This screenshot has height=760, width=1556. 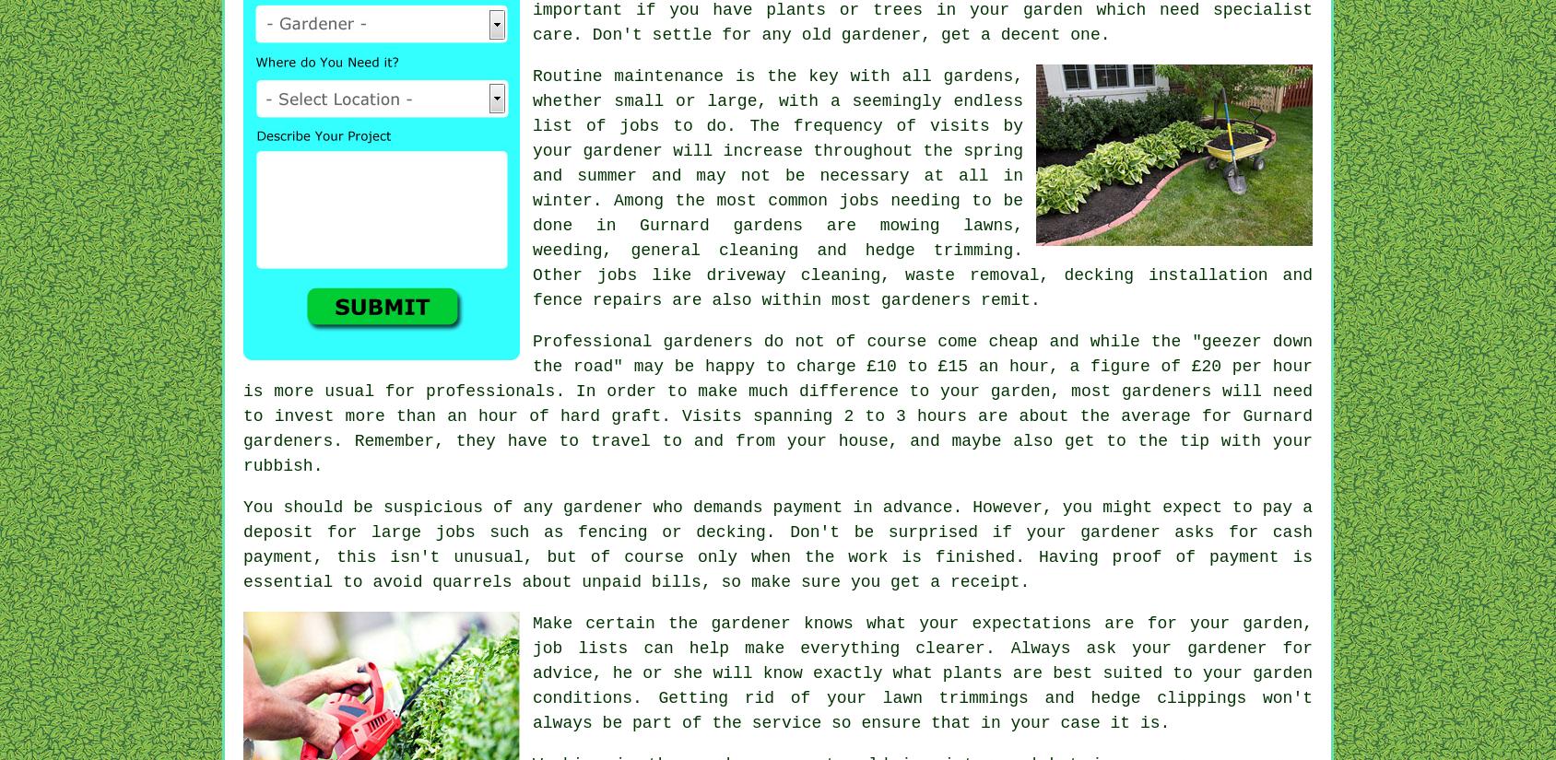 I want to click on '. However, you might expect to pay a deposit for large jobs such as', so click(x=777, y=520).